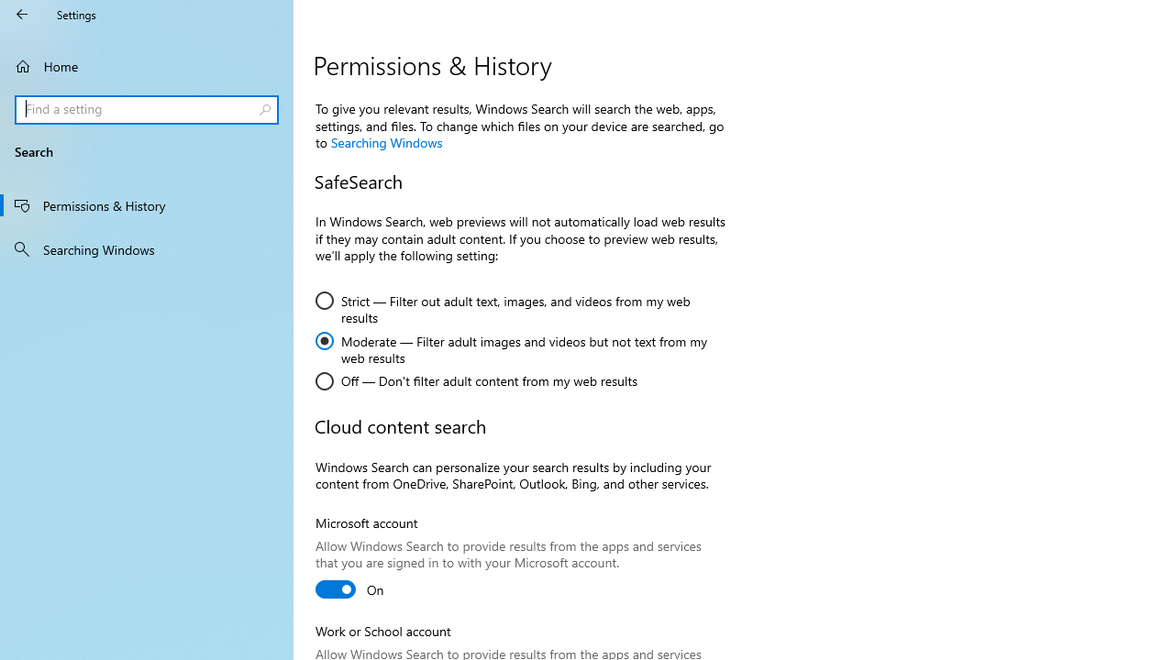  Describe the element at coordinates (22, 14) in the screenshot. I see `'Back'` at that location.